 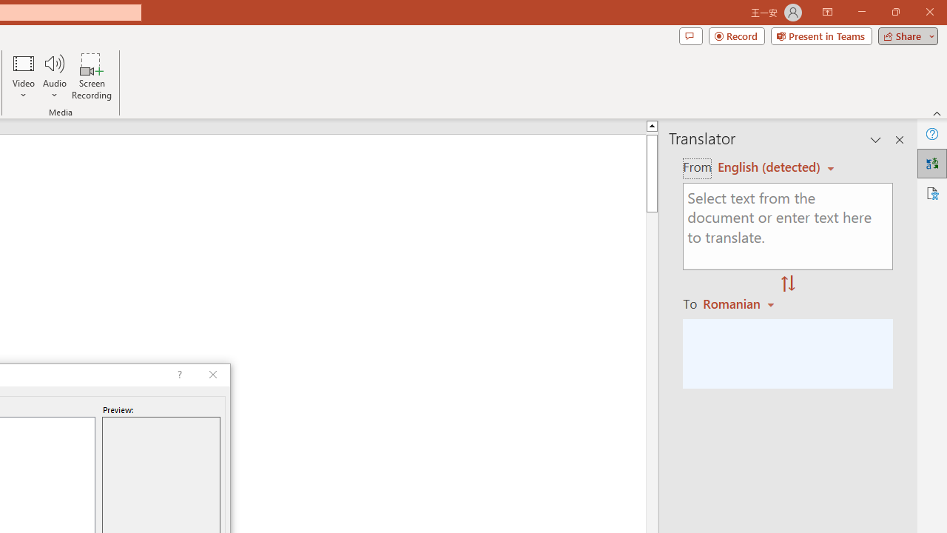 What do you see at coordinates (769, 167) in the screenshot?
I see `'Czech (detected)'` at bounding box center [769, 167].